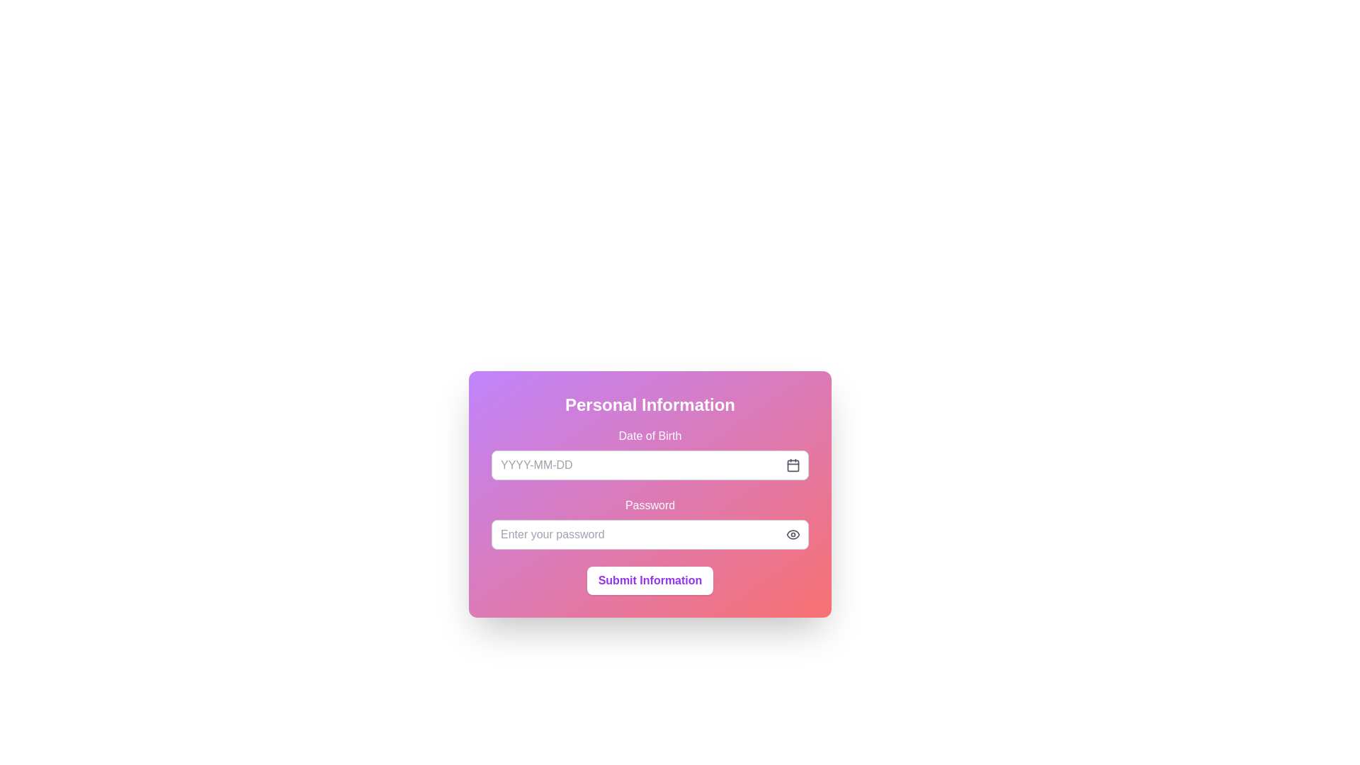 This screenshot has height=765, width=1360. Describe the element at coordinates (792, 535) in the screenshot. I see `the button styled with a subtle gray color that includes an eye icon, located to the right of the password input field` at that location.